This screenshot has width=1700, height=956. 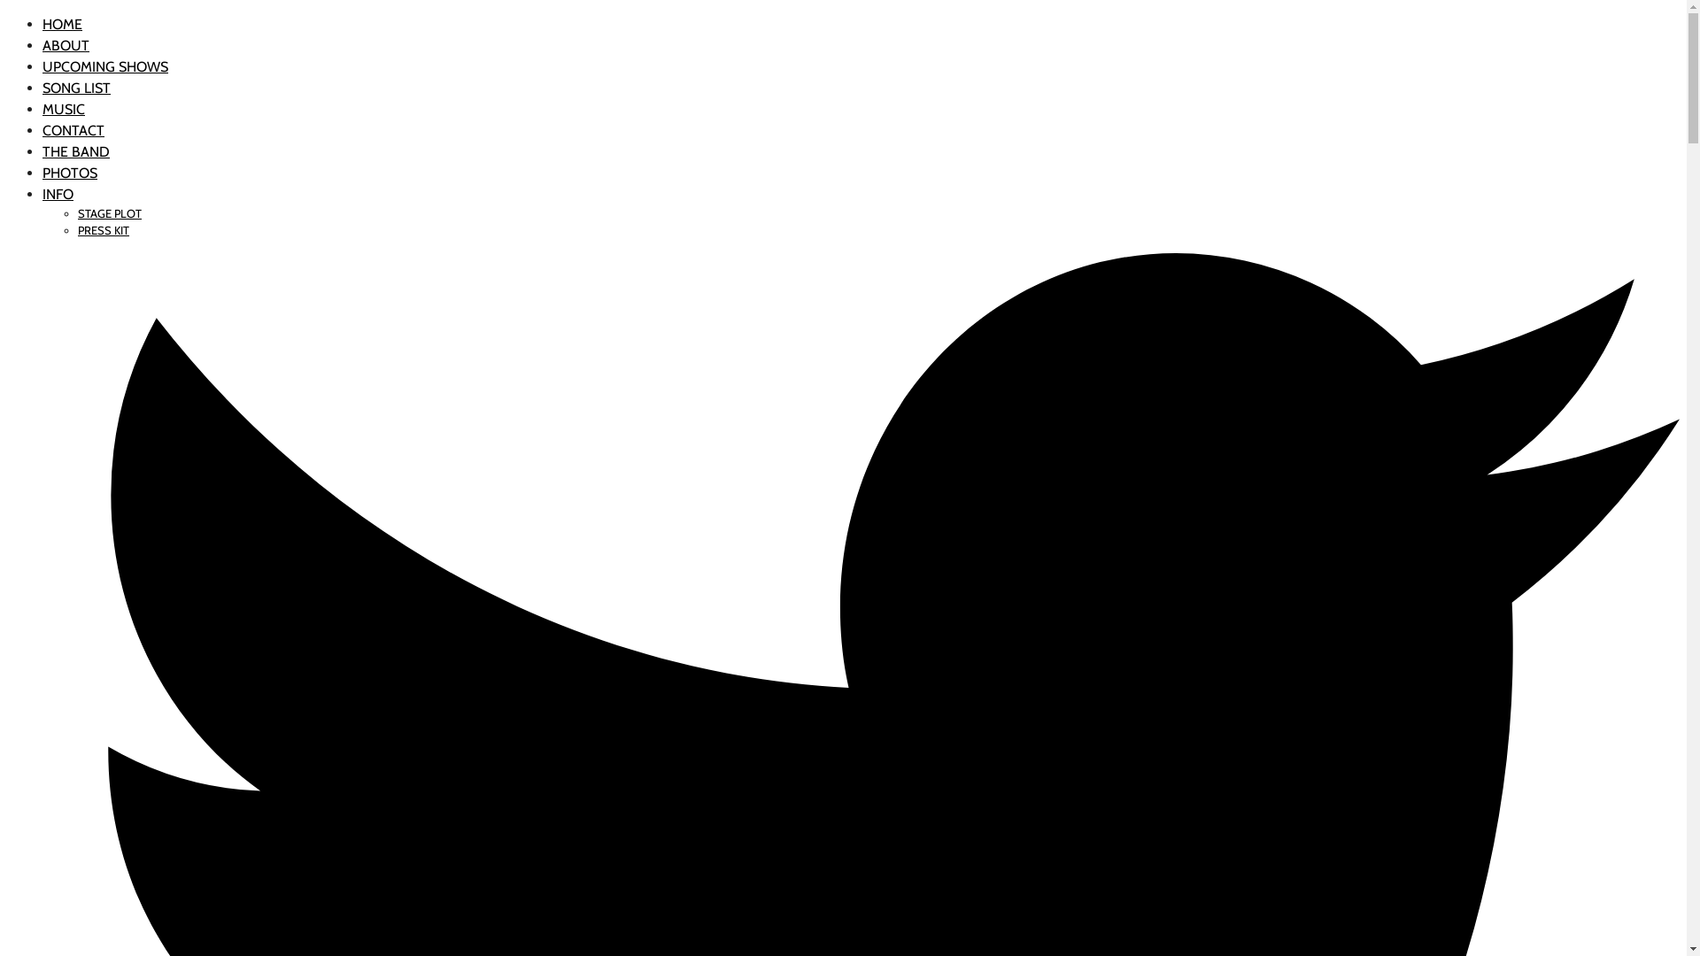 What do you see at coordinates (75, 88) in the screenshot?
I see `'SONG LIST'` at bounding box center [75, 88].